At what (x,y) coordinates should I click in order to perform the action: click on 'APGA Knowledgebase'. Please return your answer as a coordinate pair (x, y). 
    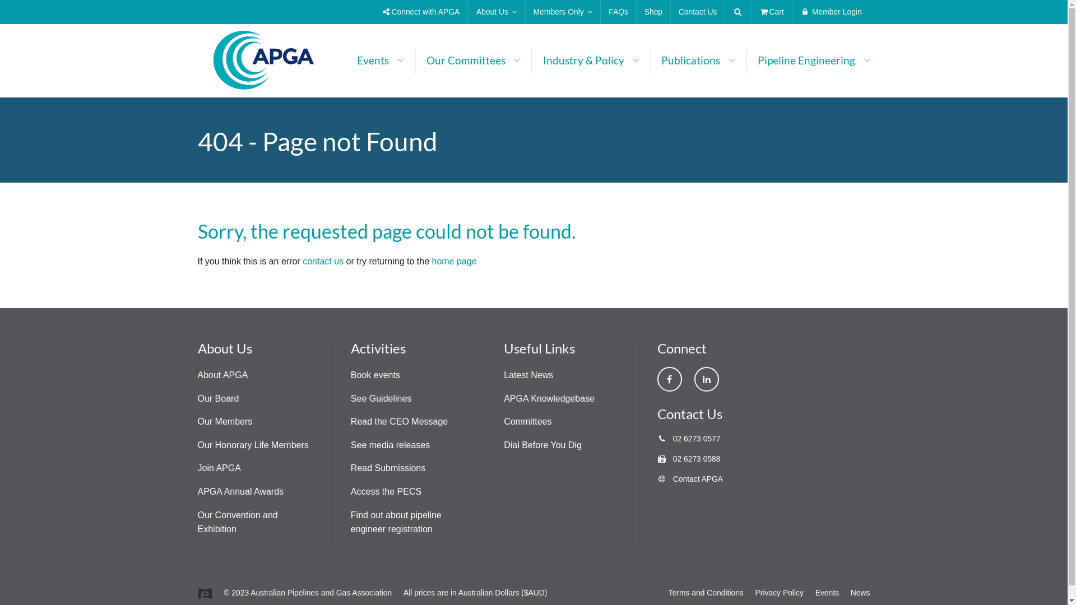
    Looking at the image, I should click on (549, 398).